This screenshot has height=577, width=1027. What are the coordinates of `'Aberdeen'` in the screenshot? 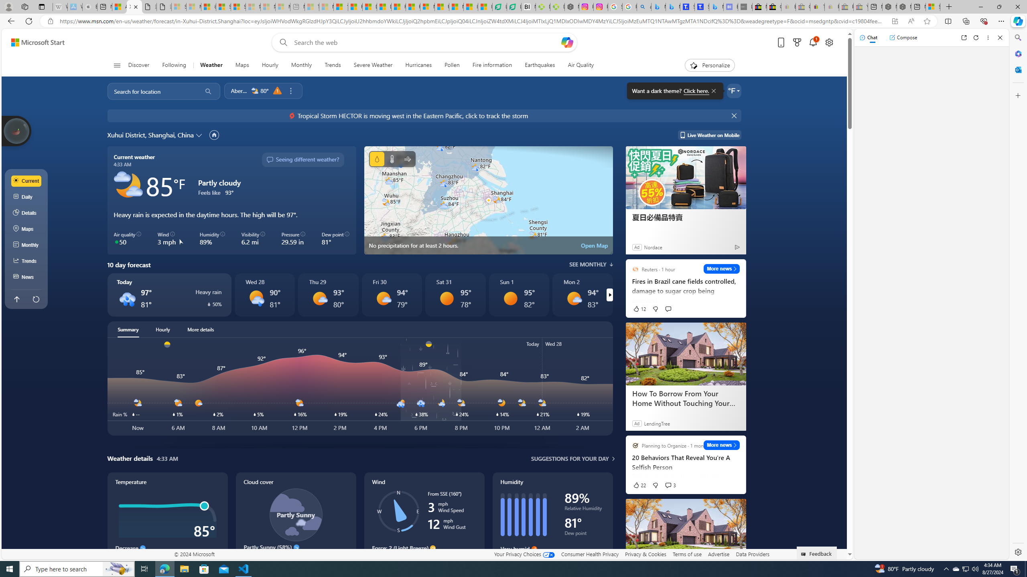 It's located at (239, 91).